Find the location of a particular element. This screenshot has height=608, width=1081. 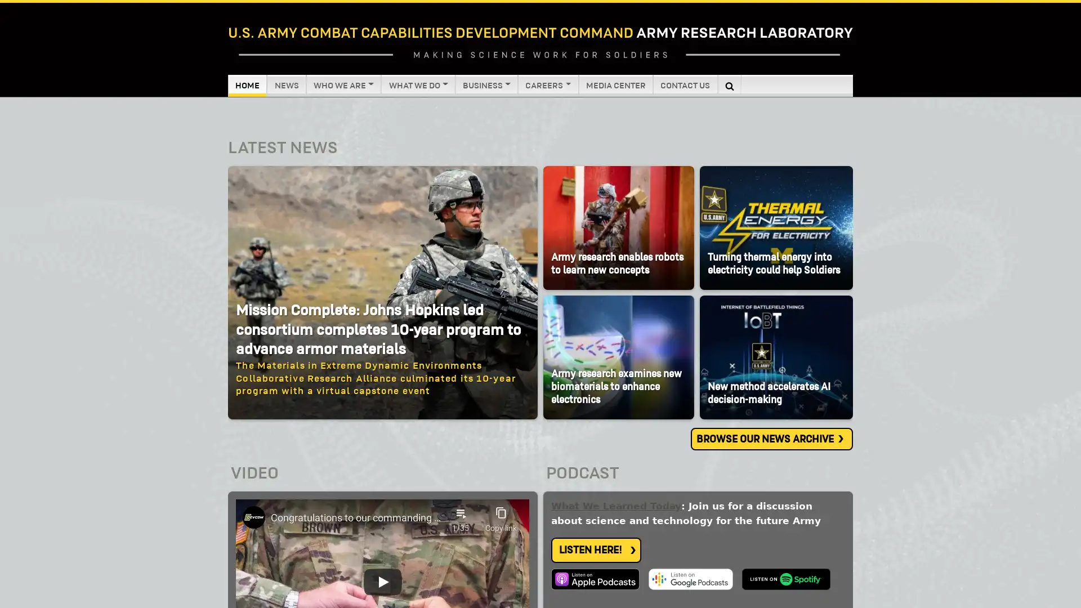

CONTACT US is located at coordinates (685, 85).